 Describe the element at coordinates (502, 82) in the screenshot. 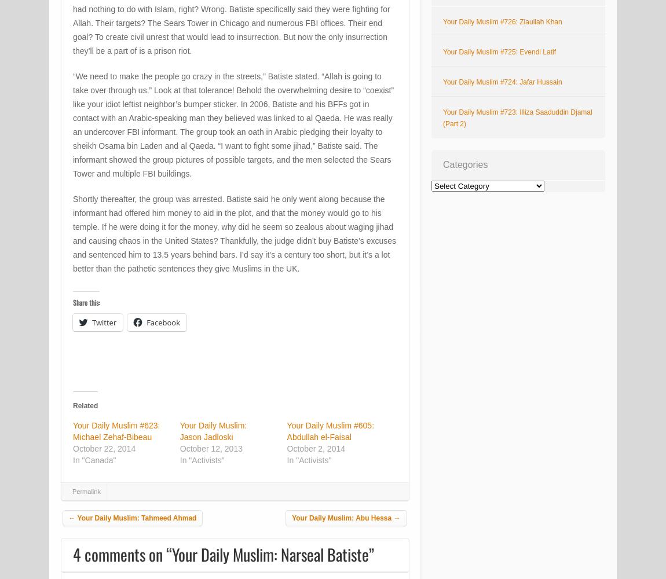

I see `'Your Daily Muslim #724: Jafar Hussain'` at that location.